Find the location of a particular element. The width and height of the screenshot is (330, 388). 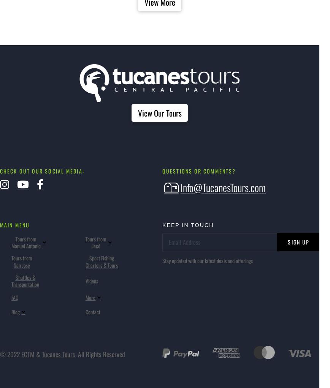

'Charters & Tours' is located at coordinates (102, 265).